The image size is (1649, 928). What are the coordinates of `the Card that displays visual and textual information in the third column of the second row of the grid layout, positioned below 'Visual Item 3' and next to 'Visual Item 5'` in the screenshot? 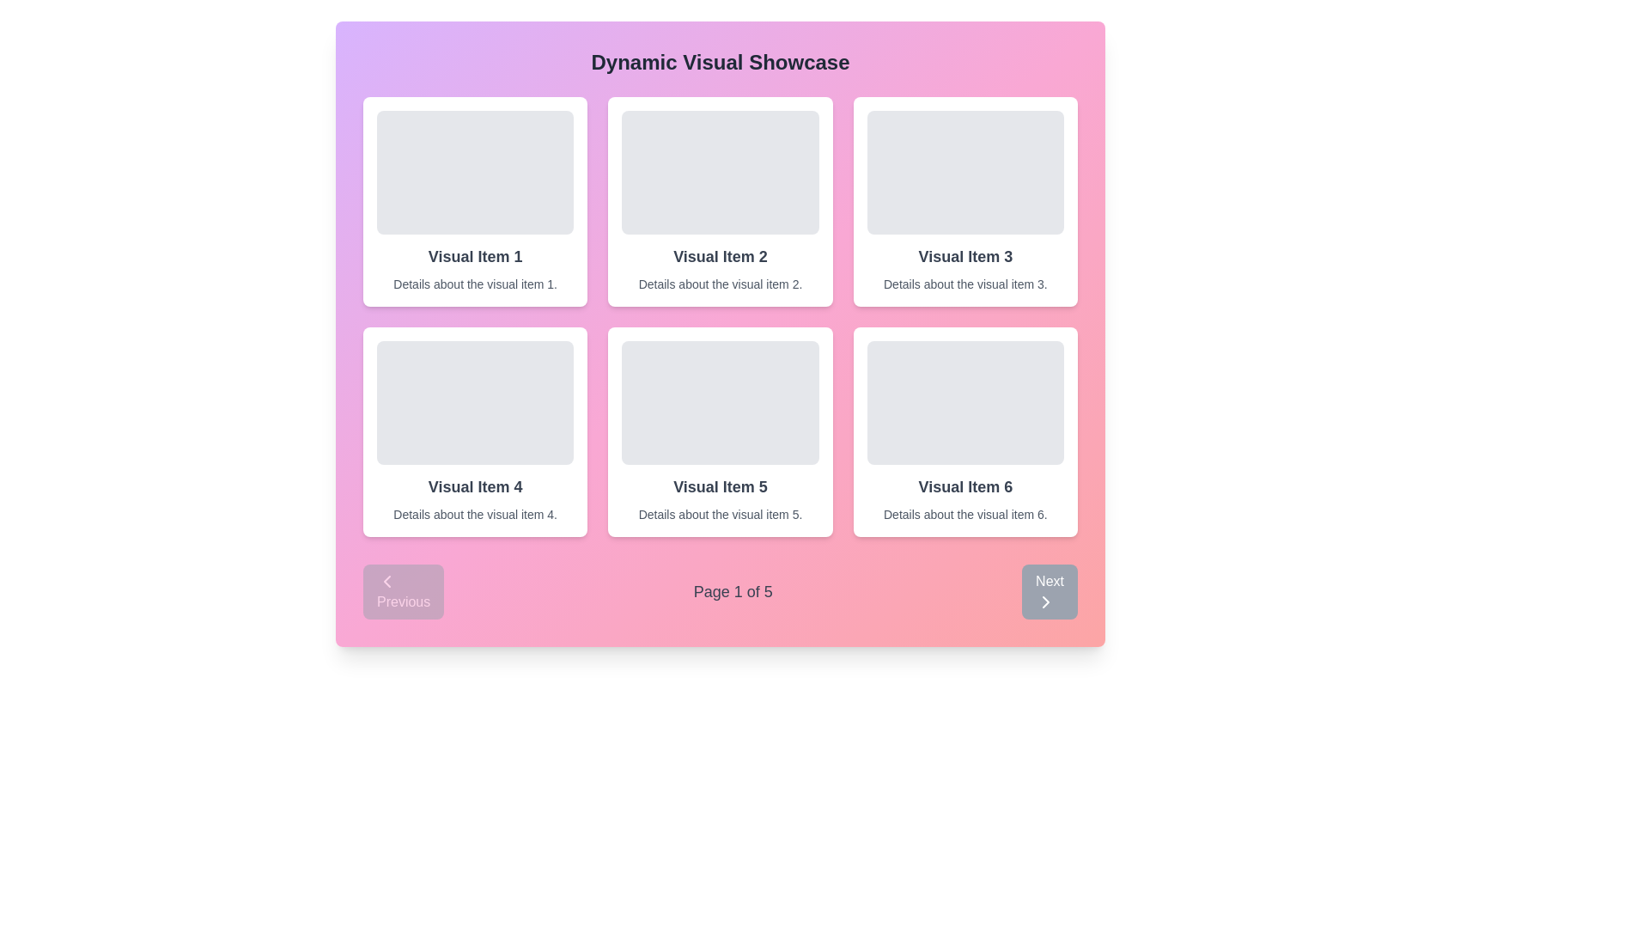 It's located at (965, 430).